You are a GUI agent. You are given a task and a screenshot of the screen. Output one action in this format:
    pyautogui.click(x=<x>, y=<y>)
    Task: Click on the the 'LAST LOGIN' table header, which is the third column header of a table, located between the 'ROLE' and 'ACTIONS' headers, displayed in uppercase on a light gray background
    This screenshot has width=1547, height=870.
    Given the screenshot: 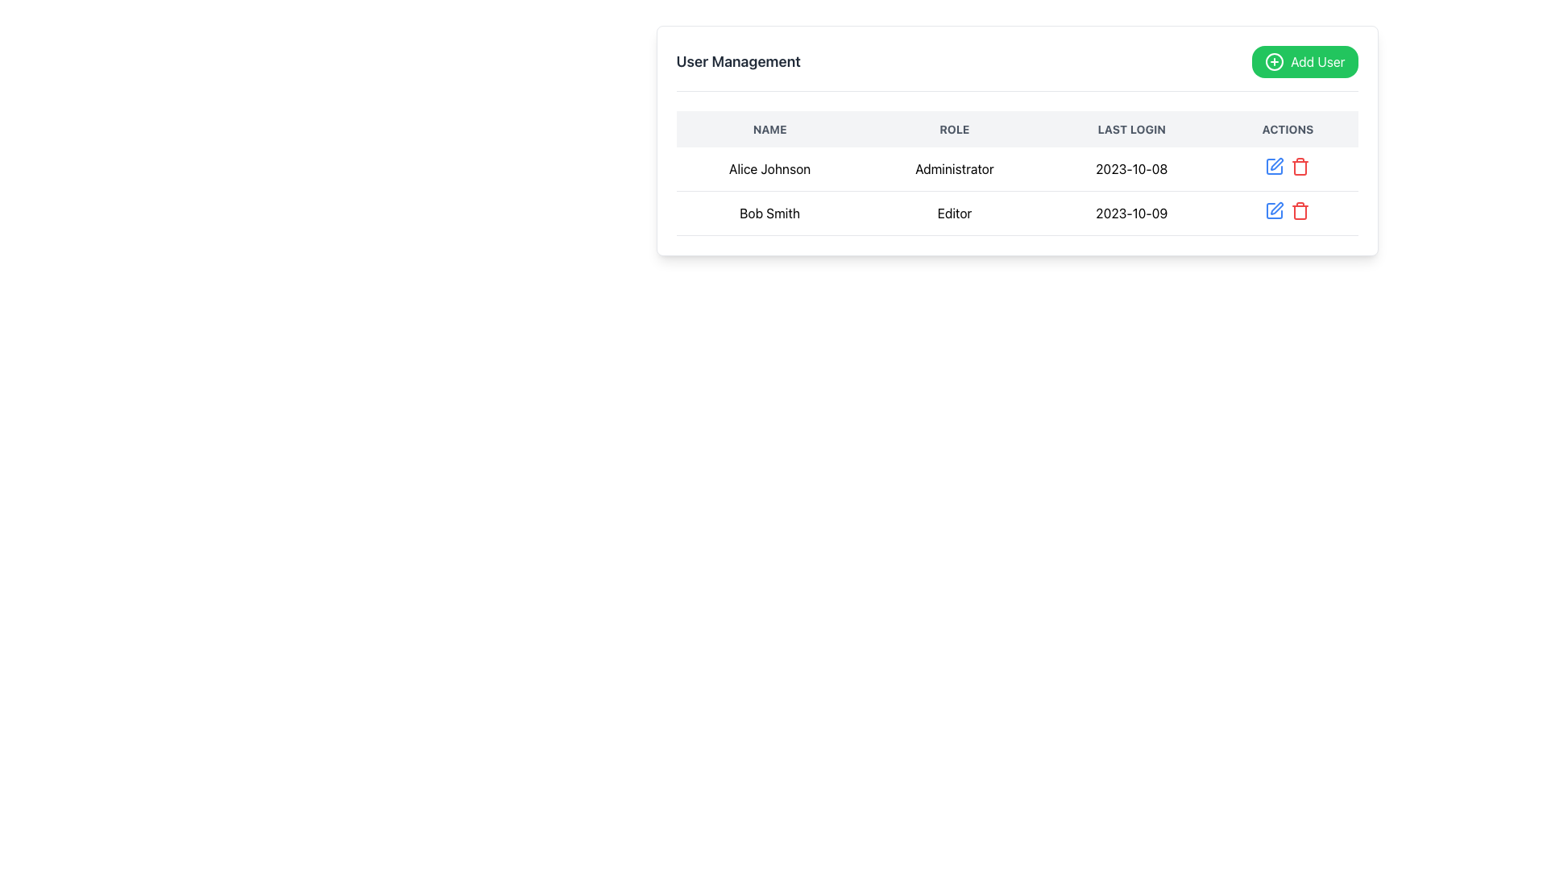 What is the action you would take?
    pyautogui.click(x=1130, y=128)
    